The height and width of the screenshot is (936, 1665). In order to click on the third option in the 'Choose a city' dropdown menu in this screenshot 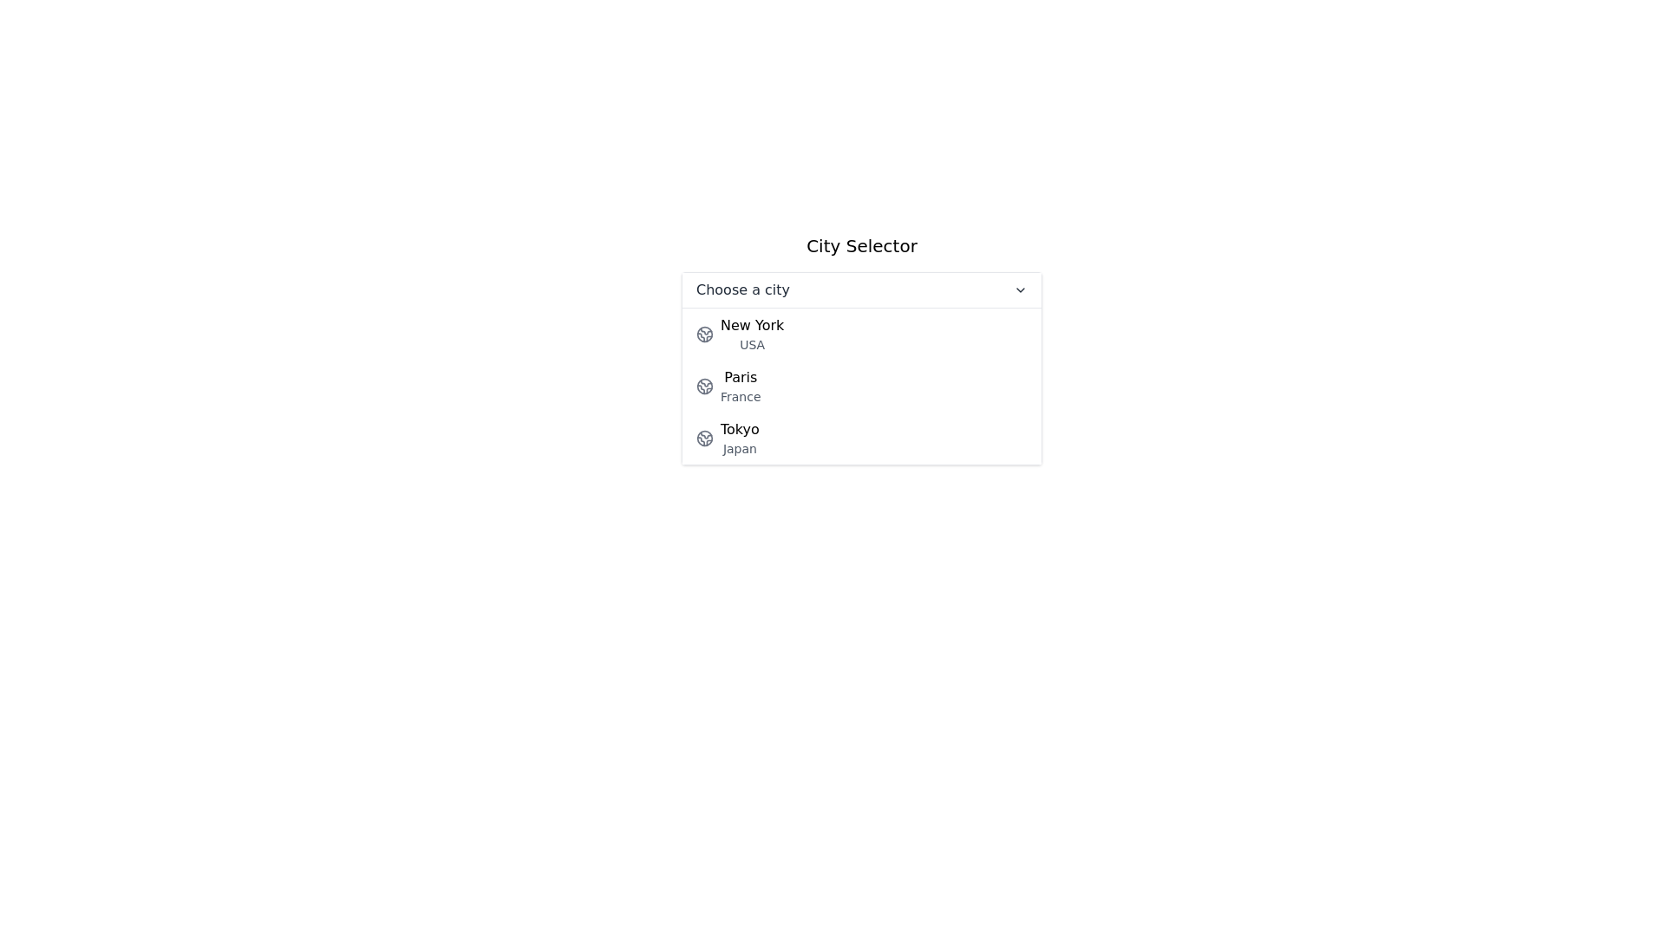, I will do `click(861, 437)`.